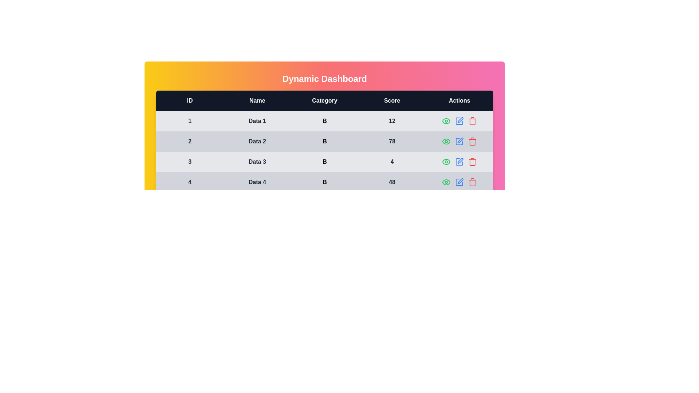 The width and height of the screenshot is (699, 393). Describe the element at coordinates (472, 142) in the screenshot. I see `the row corresponding to 2` at that location.